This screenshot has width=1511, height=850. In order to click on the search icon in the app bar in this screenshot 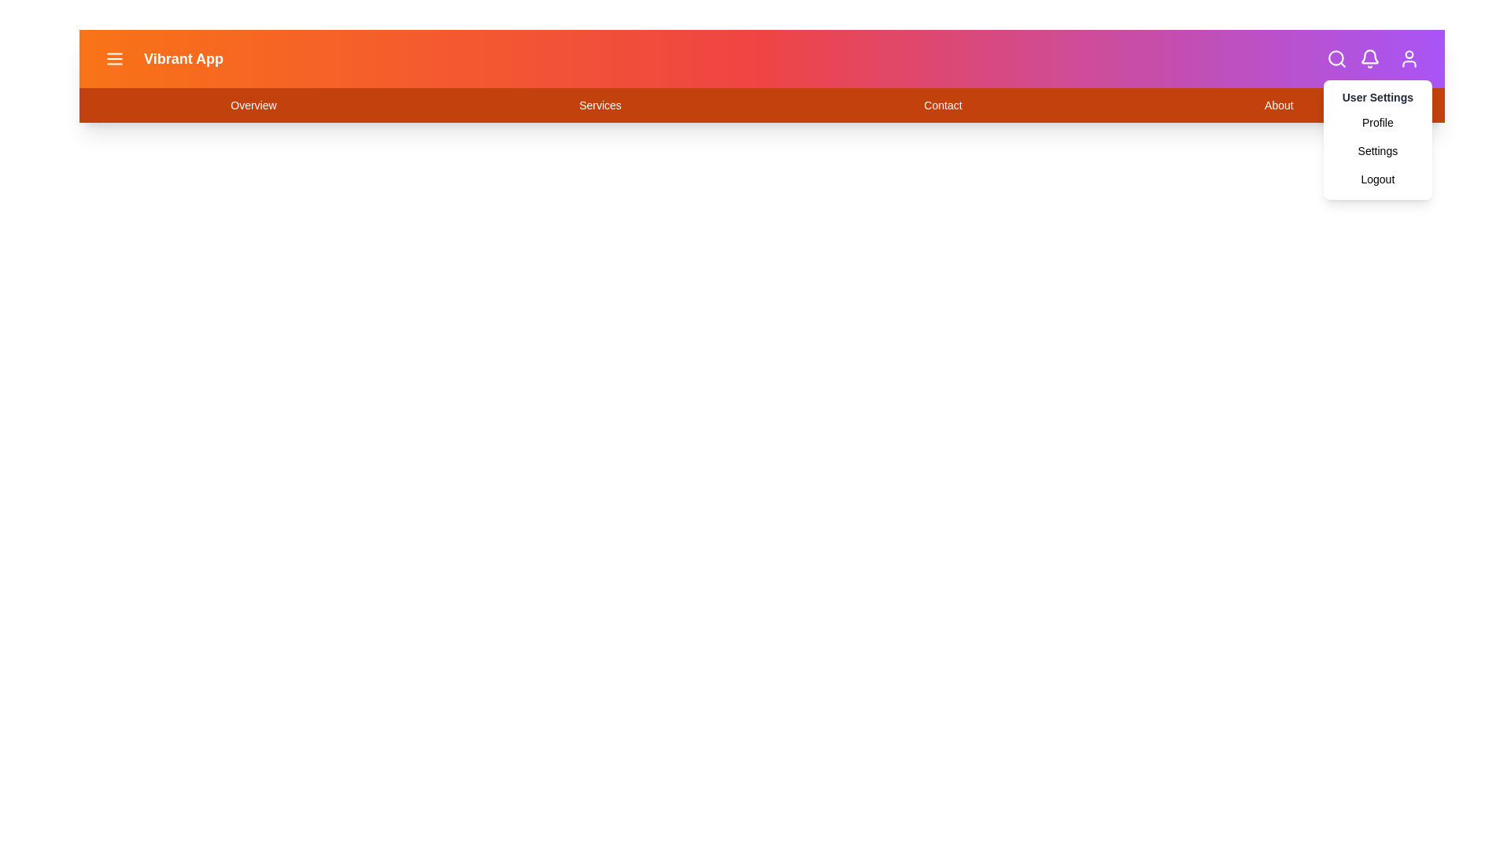, I will do `click(1336, 57)`.